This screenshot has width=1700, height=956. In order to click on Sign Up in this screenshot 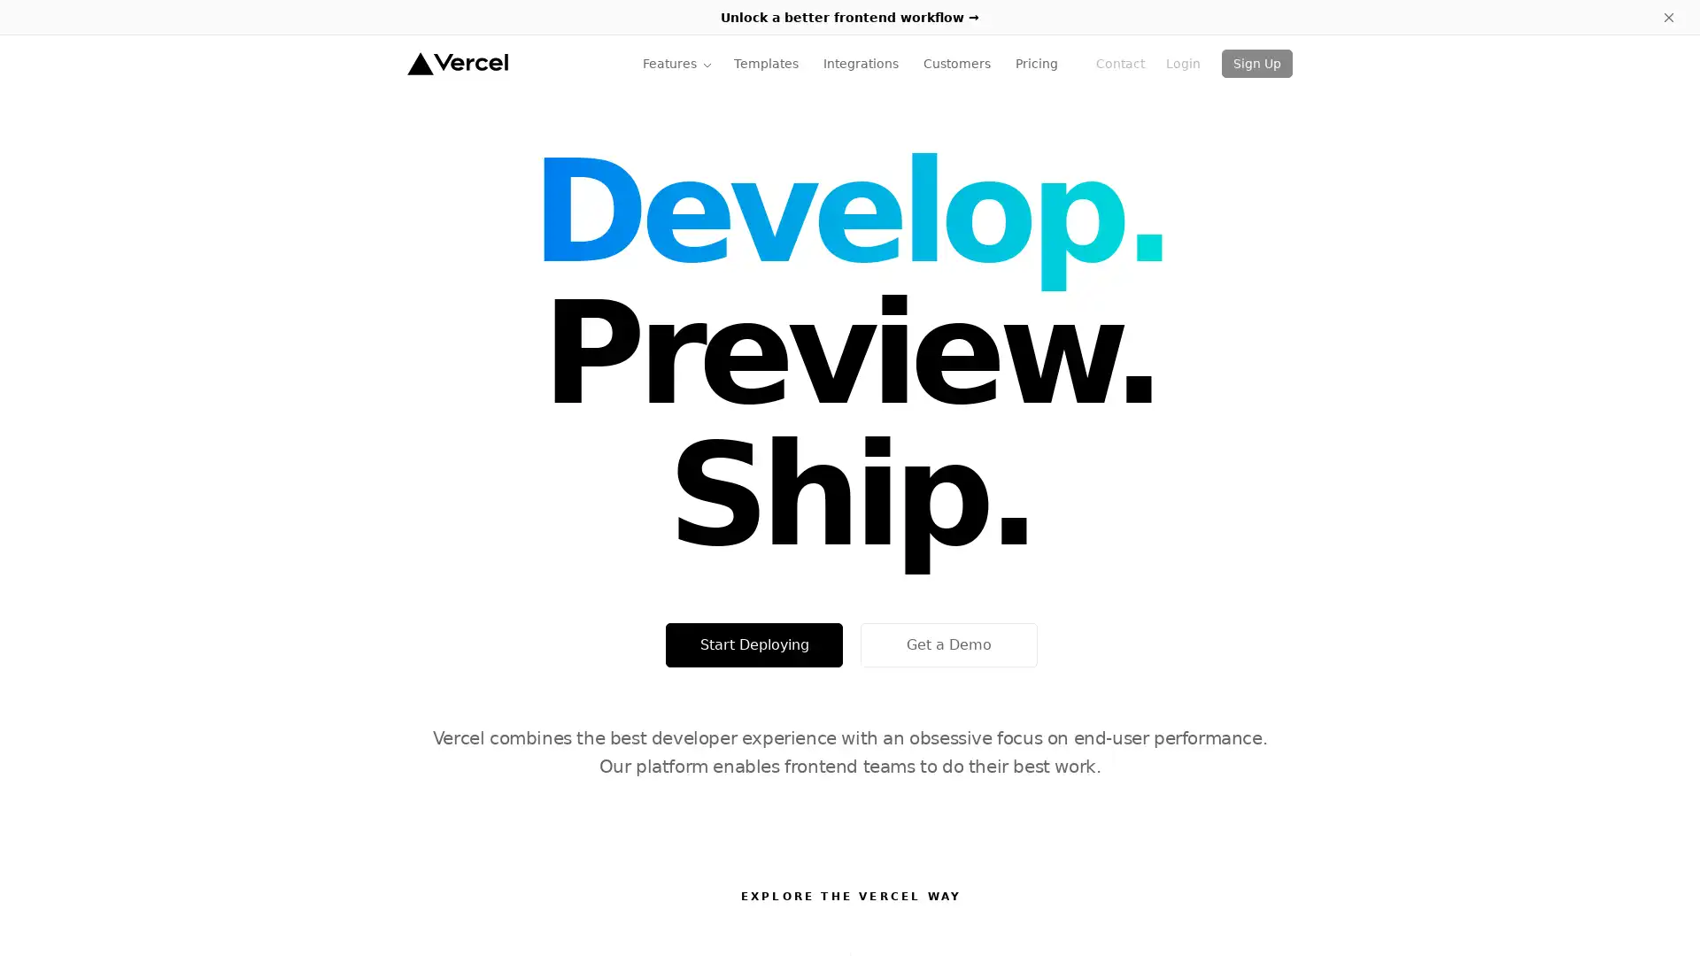, I will do `click(1256, 63)`.